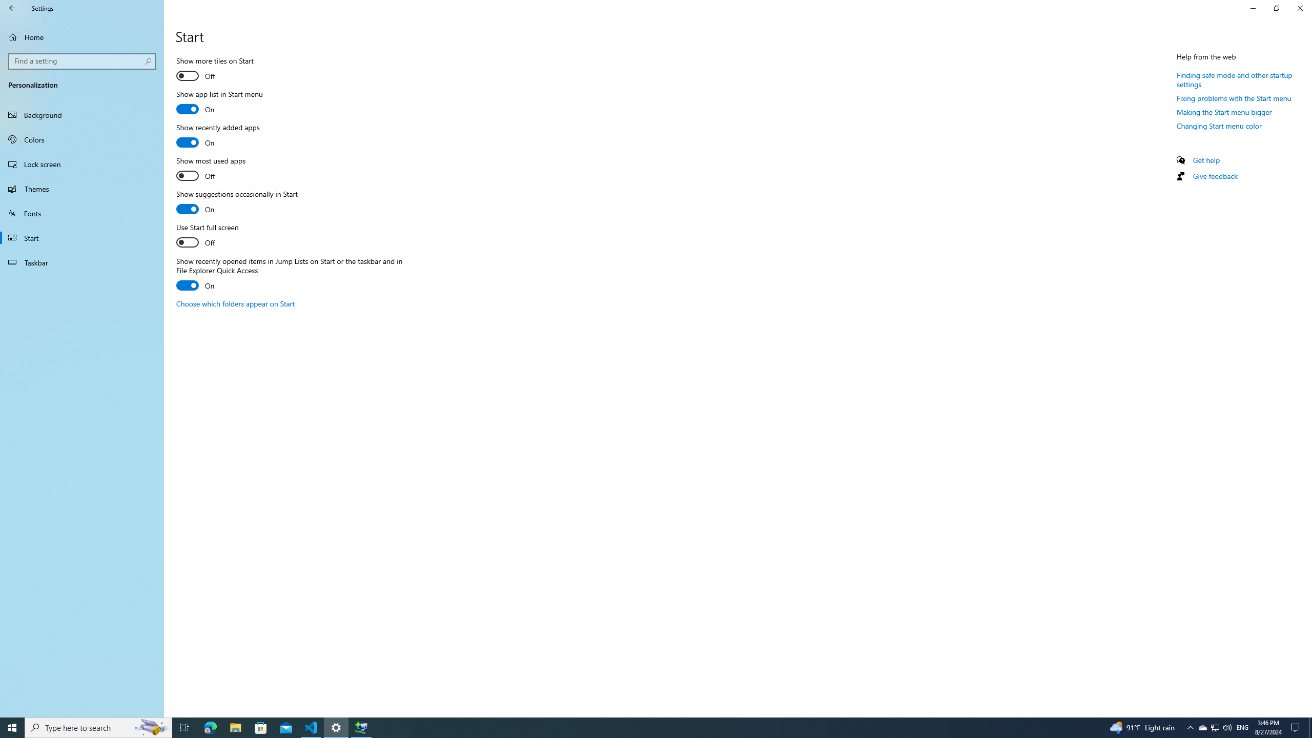  I want to click on 'Home', so click(81, 37).